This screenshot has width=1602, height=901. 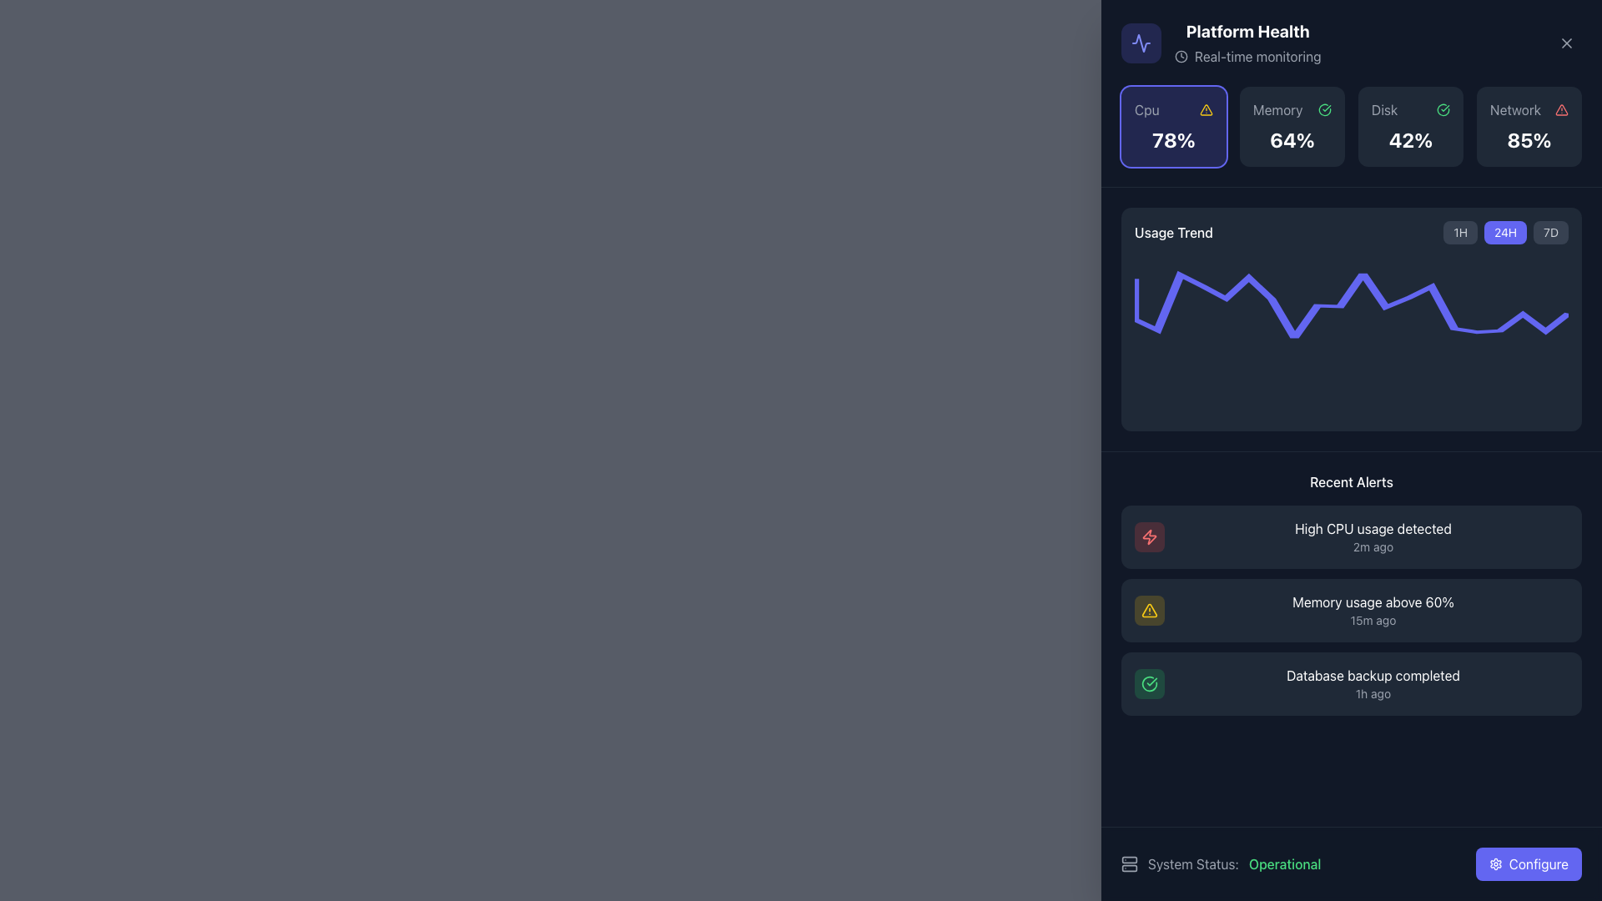 What do you see at coordinates (1148, 537) in the screenshot?
I see `the red lightning bolt icon in the 'Recent Alerts' section to interact with the alert regarding 'High CPU usage detected'` at bounding box center [1148, 537].